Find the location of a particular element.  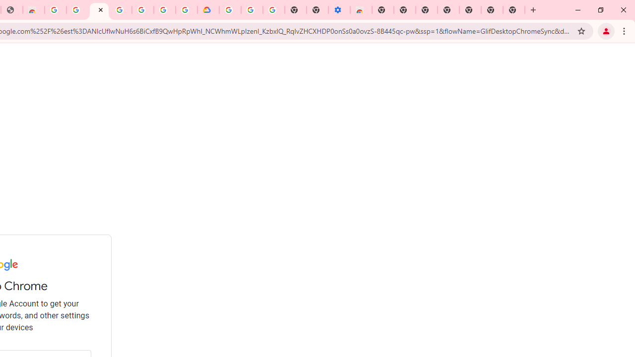

'New Tab' is located at coordinates (514, 10).